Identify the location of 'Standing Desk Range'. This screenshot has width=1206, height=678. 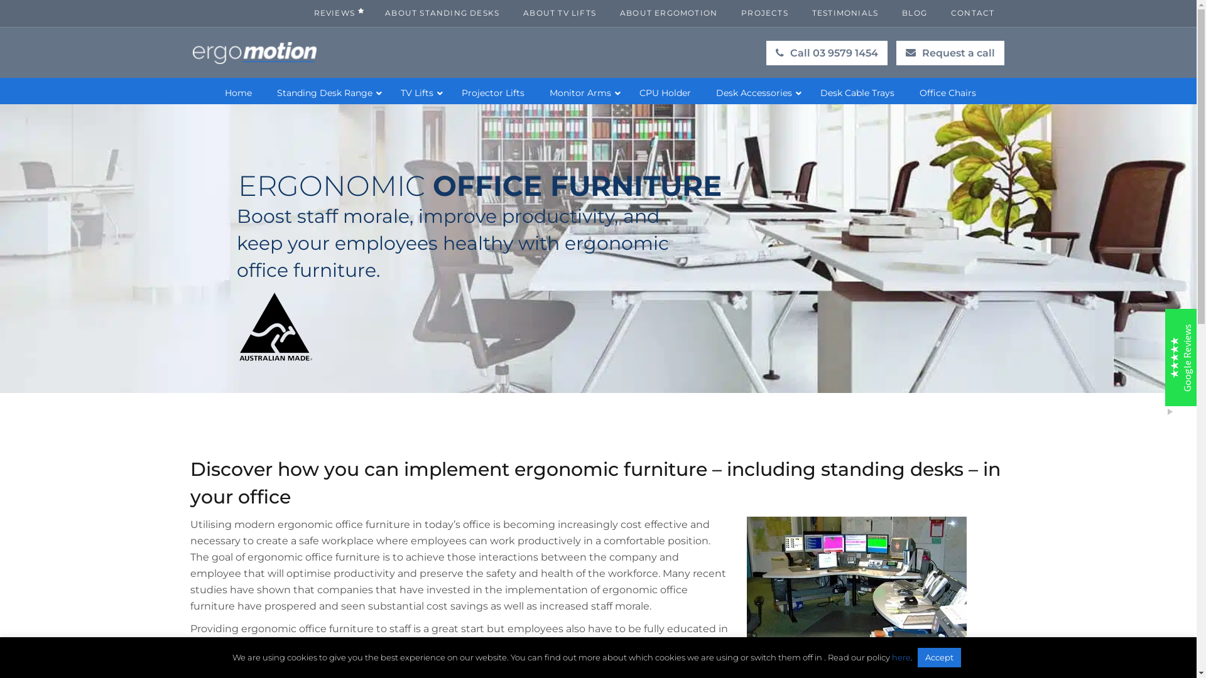
(263, 92).